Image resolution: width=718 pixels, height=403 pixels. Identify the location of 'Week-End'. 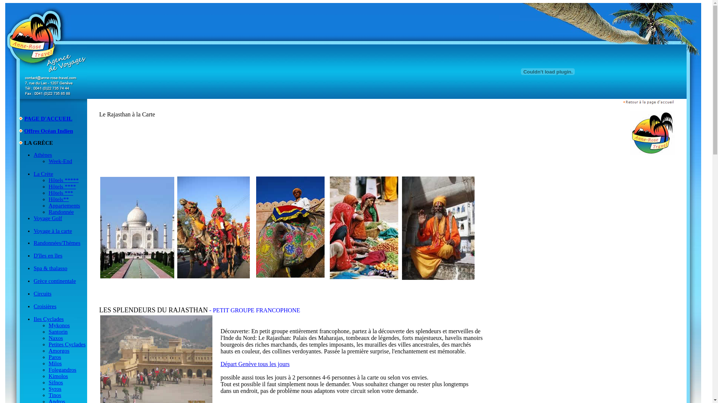
(60, 161).